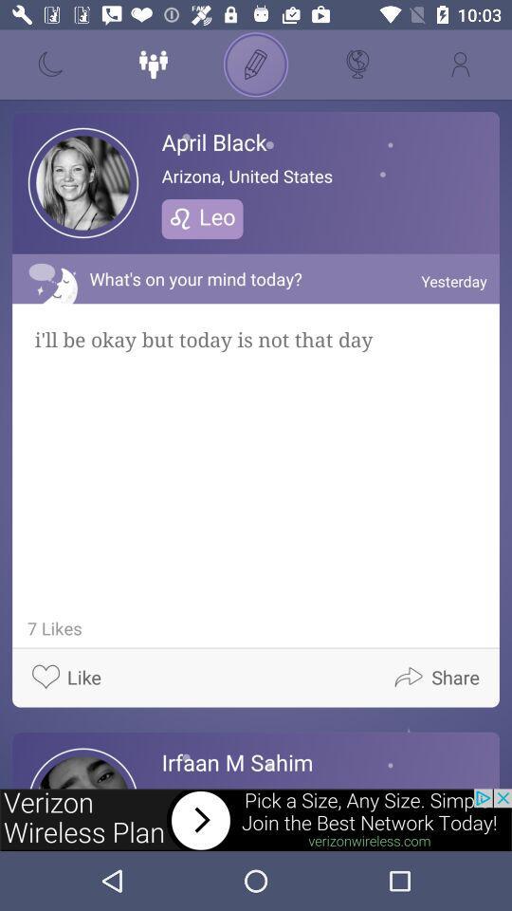 This screenshot has width=512, height=911. I want to click on first icon at top left, so click(51, 65).